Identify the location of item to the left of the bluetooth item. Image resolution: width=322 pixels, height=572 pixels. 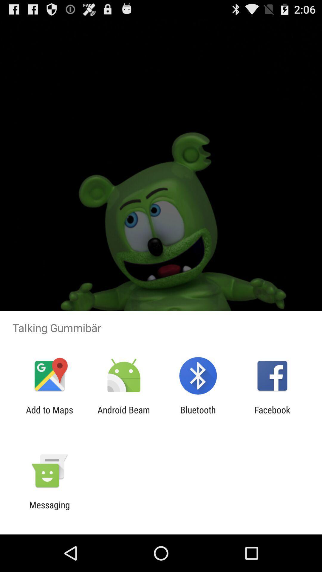
(123, 415).